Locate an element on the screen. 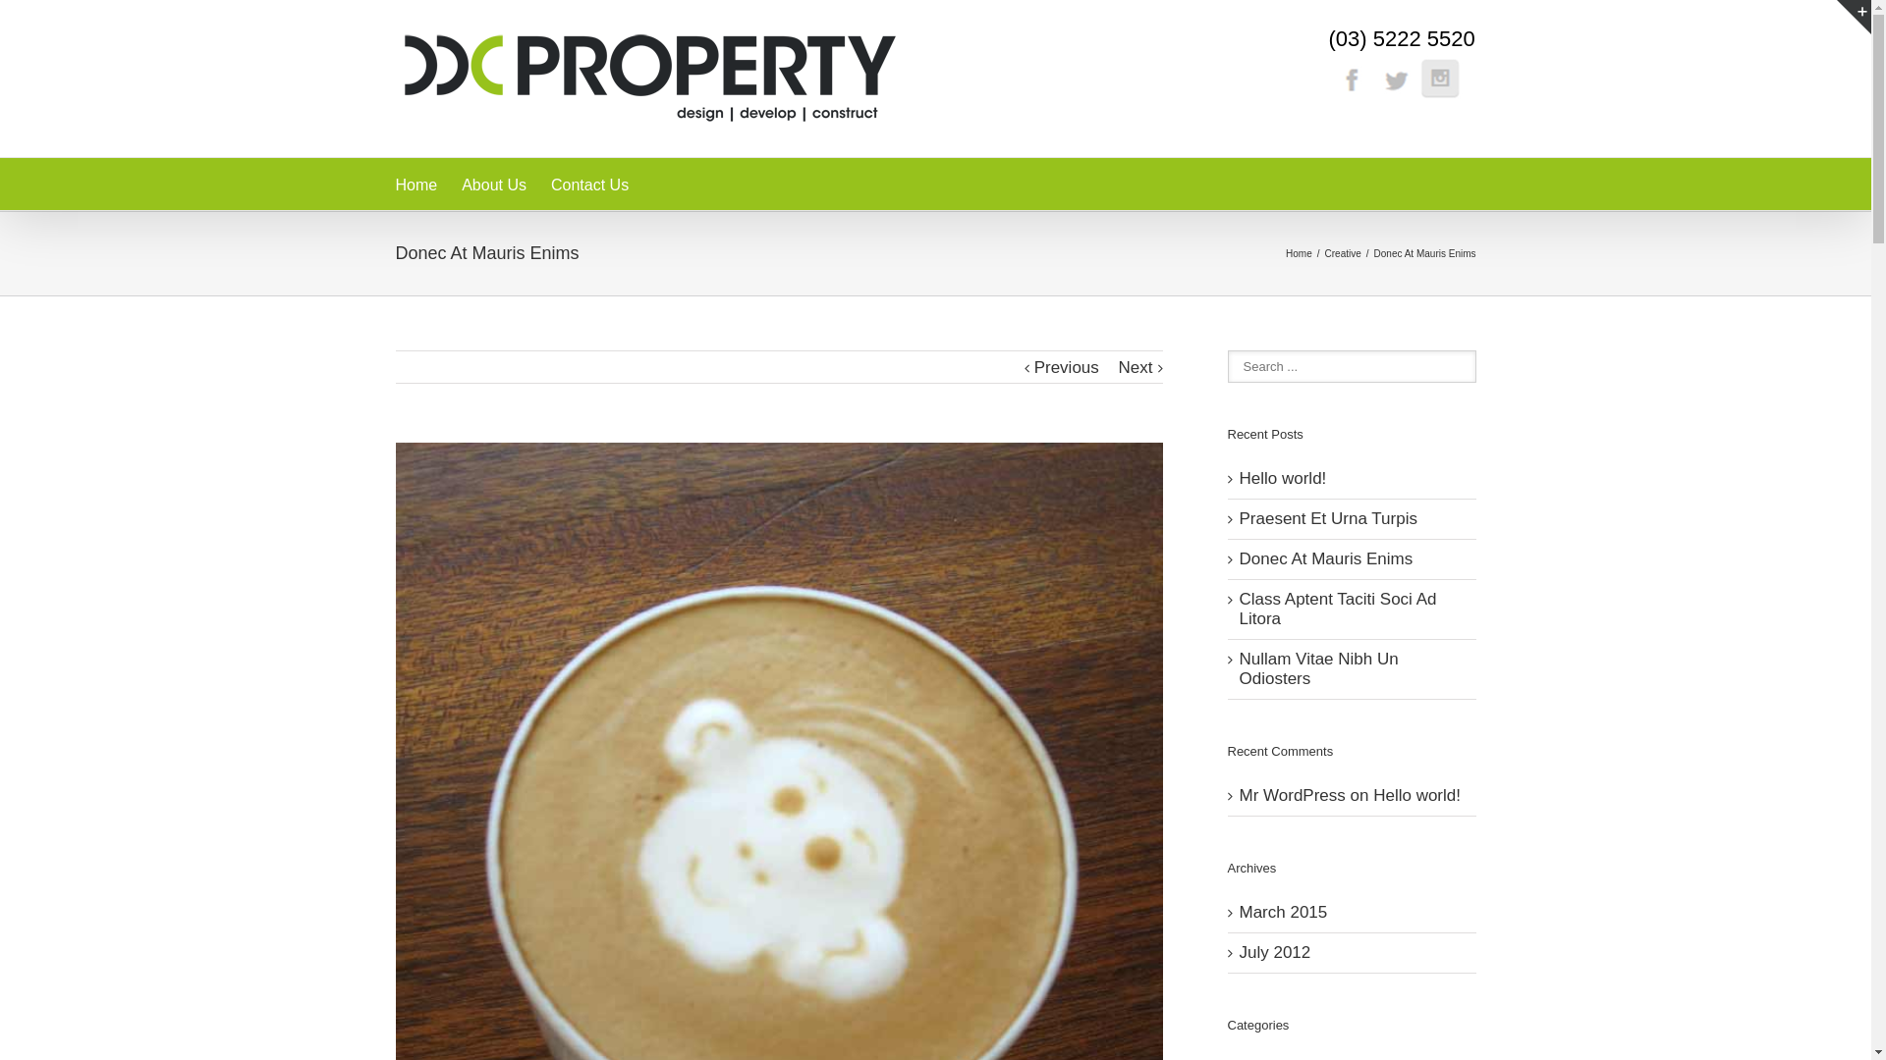 This screenshot has height=1060, width=1886. 'Mr WordPress' is located at coordinates (1292, 795).